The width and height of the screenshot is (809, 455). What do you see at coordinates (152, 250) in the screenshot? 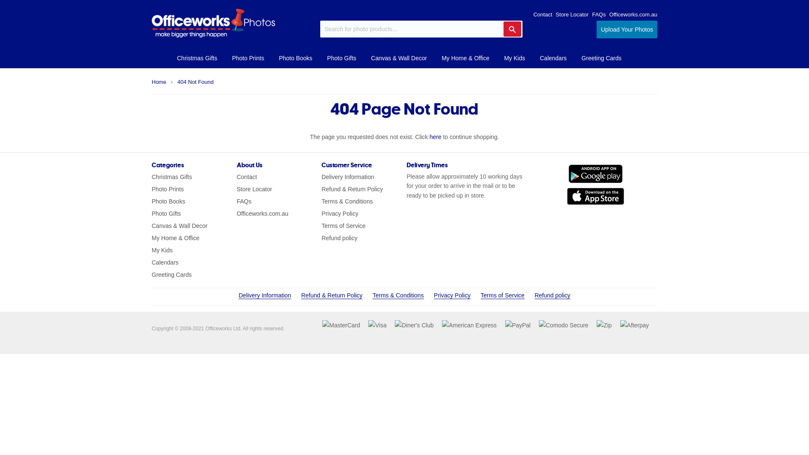
I see `'My Kids'` at bounding box center [152, 250].